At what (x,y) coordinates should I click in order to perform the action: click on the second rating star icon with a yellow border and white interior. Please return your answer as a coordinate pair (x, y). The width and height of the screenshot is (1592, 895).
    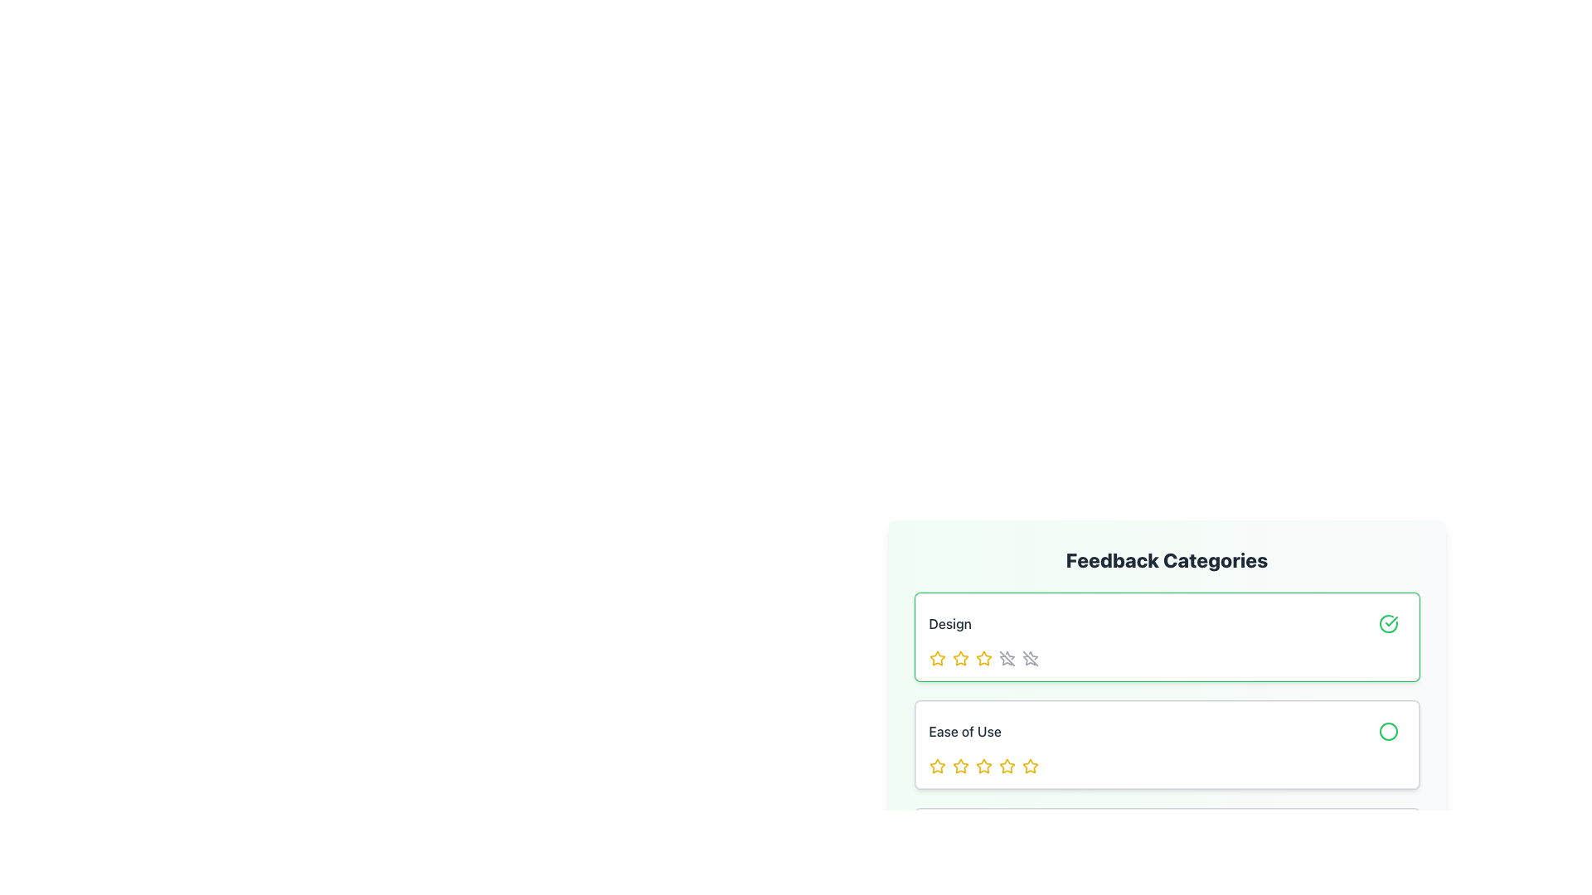
    Looking at the image, I should click on (960, 657).